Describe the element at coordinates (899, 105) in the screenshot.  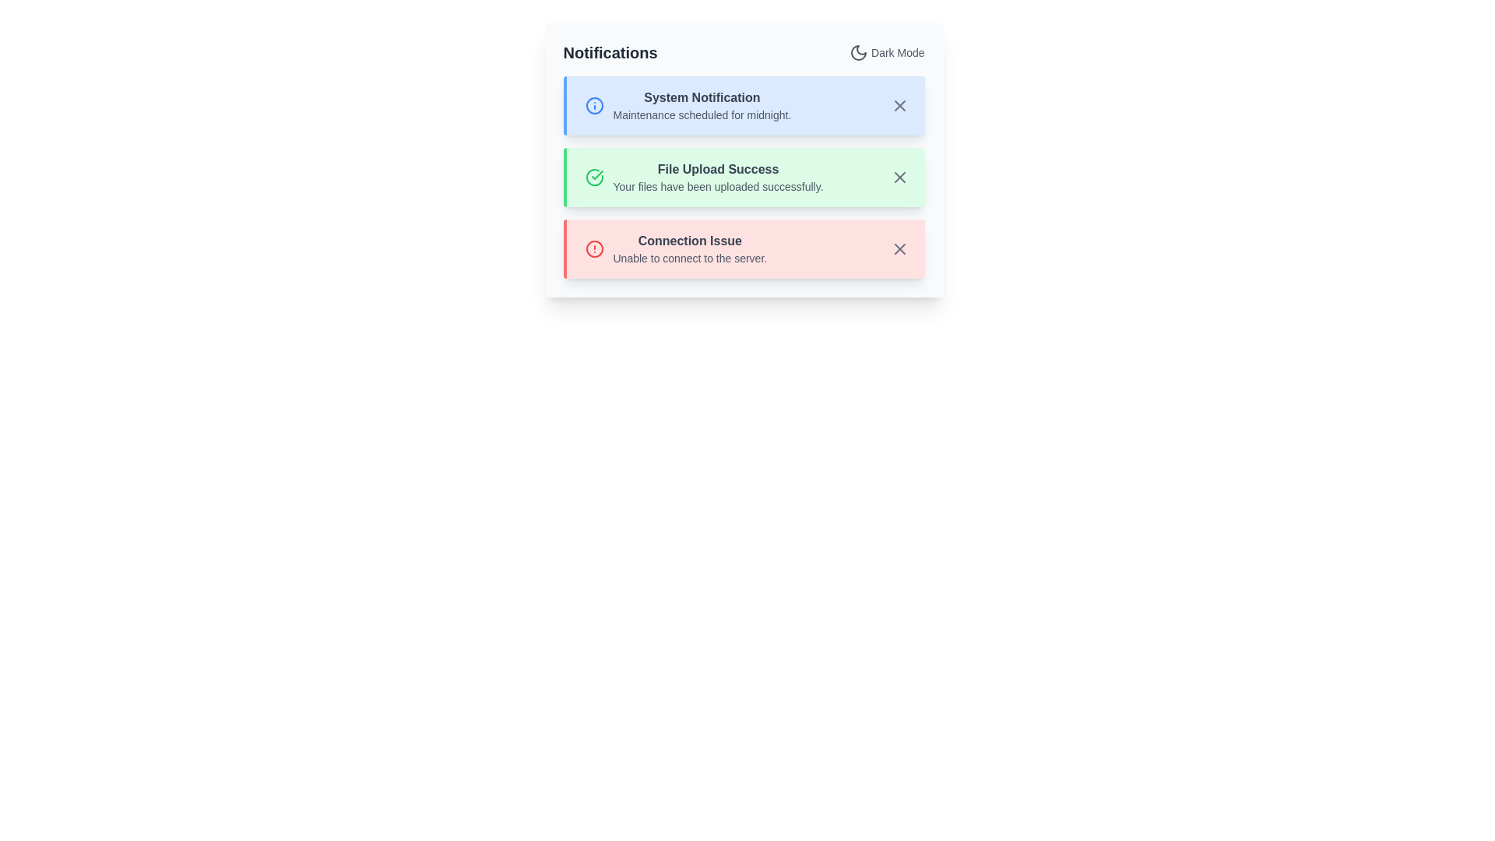
I see `the close button located in the top-right corner of the 'System Notification' card` at that location.